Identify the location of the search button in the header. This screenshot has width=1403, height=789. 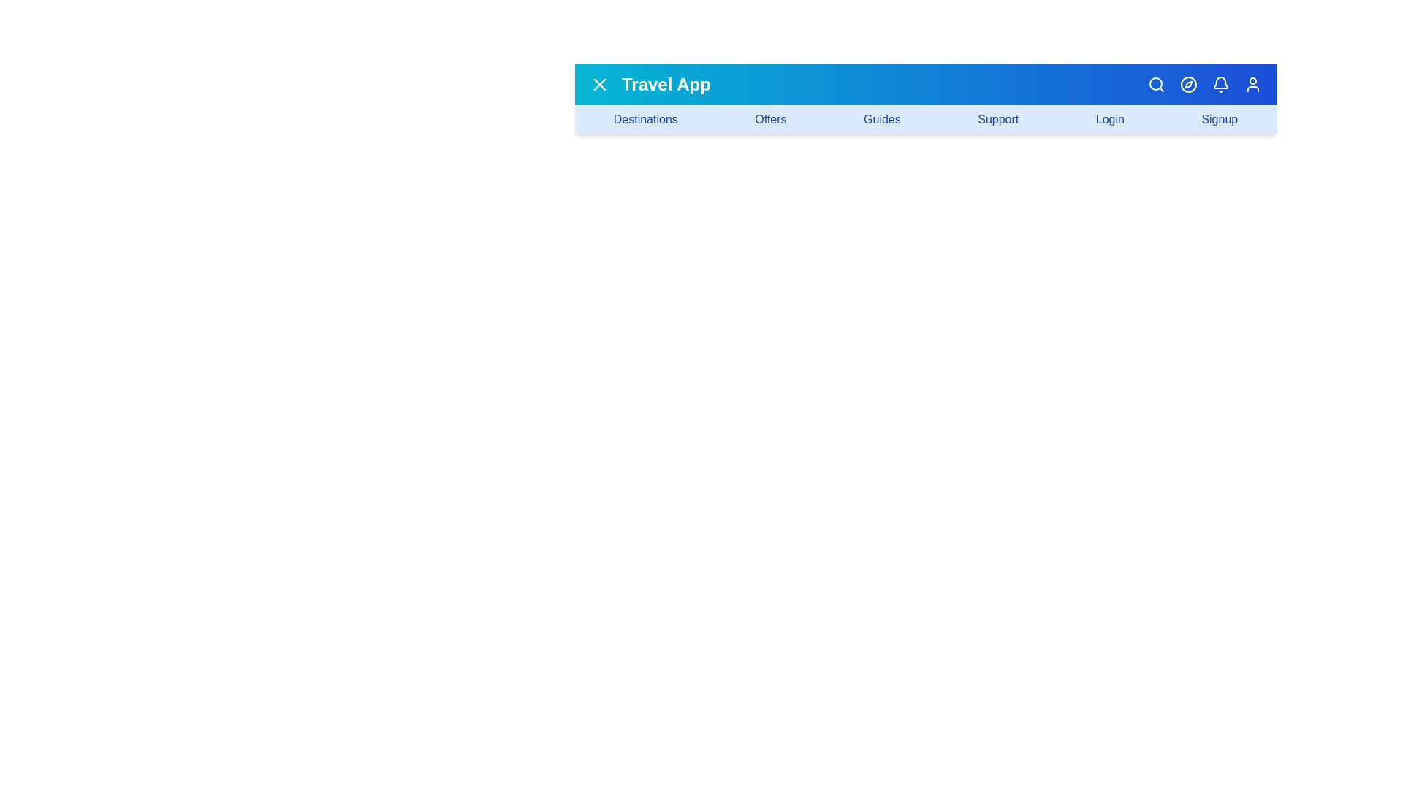
(1156, 84).